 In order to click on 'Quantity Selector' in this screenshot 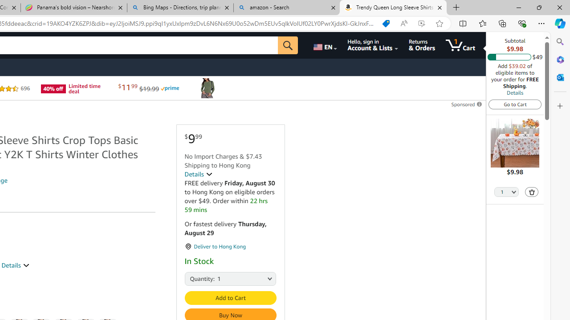, I will do `click(506, 192)`.